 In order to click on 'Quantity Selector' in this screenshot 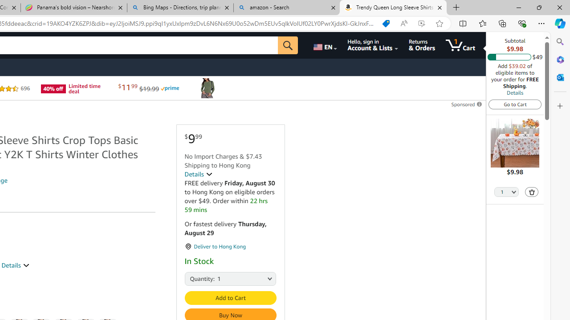, I will do `click(506, 192)`.